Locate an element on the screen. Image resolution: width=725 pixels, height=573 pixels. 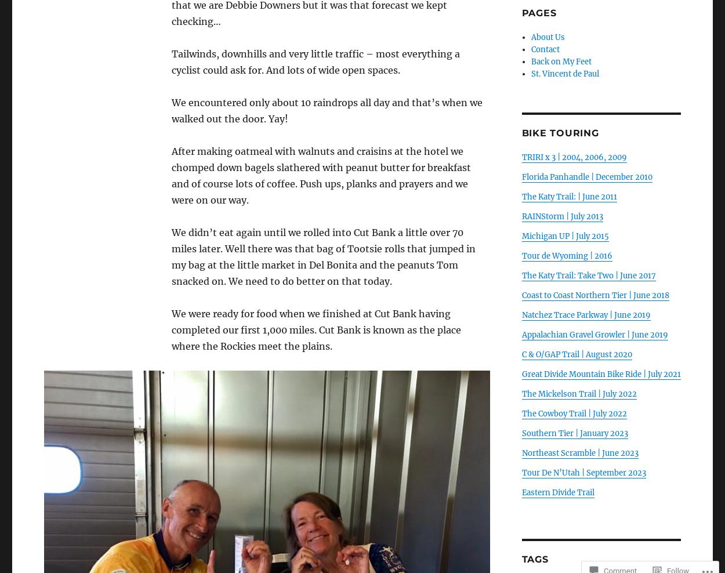
'Tour de Wyoming | 2016' is located at coordinates (566, 256).